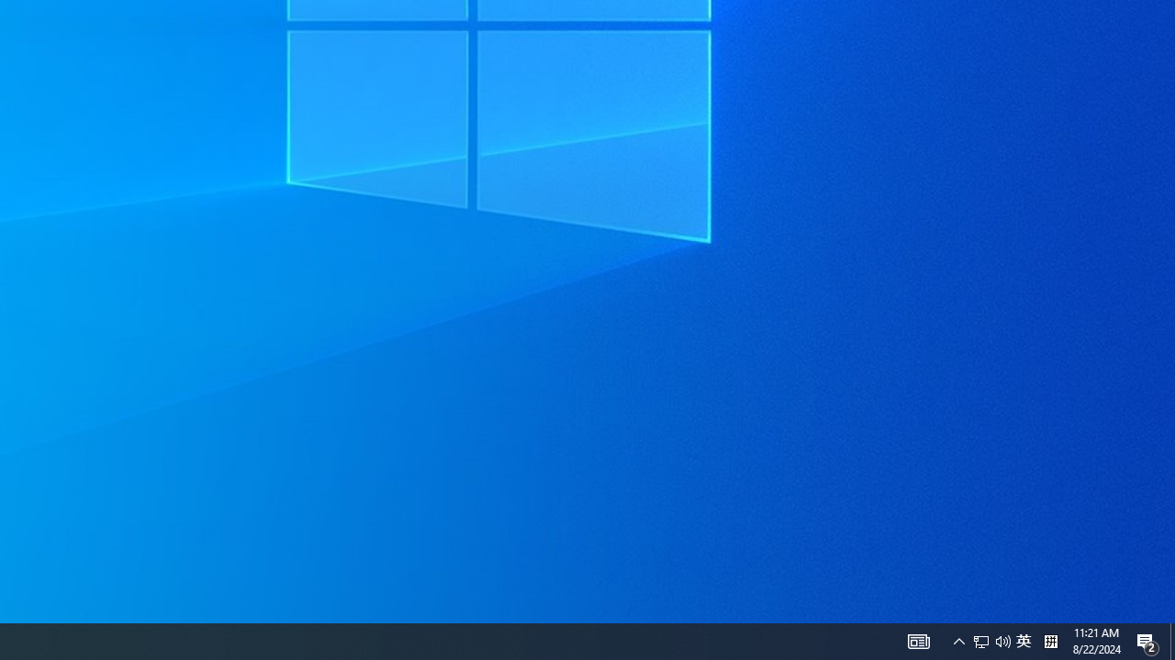 The height and width of the screenshot is (660, 1175). I want to click on 'Action Center, 2 new notifications', so click(1147, 640).